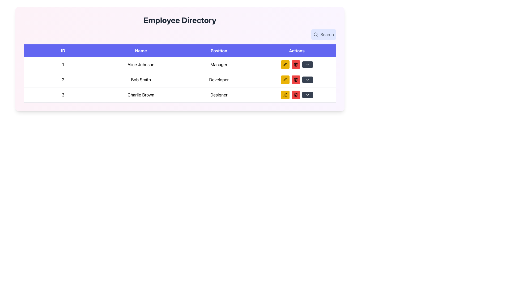 The width and height of the screenshot is (510, 287). Describe the element at coordinates (63, 80) in the screenshot. I see `the ID element of the second individual in the table, which is located in the second row under the 'ID' column, positioned to the left of 'Bob Smith' and 'Developer'` at that location.